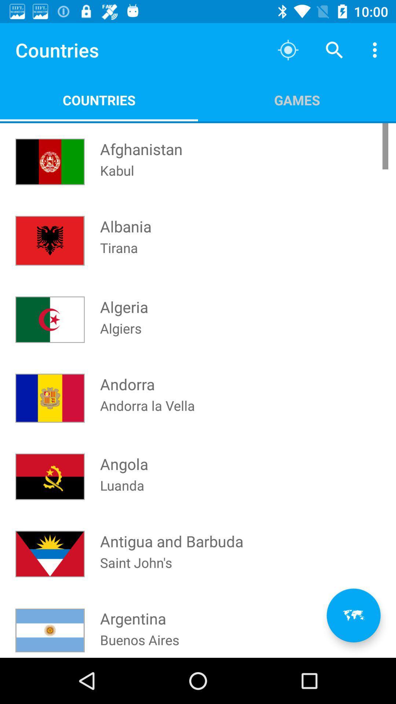 This screenshot has width=396, height=704. Describe the element at coordinates (147, 415) in the screenshot. I see `the icon above the angola item` at that location.